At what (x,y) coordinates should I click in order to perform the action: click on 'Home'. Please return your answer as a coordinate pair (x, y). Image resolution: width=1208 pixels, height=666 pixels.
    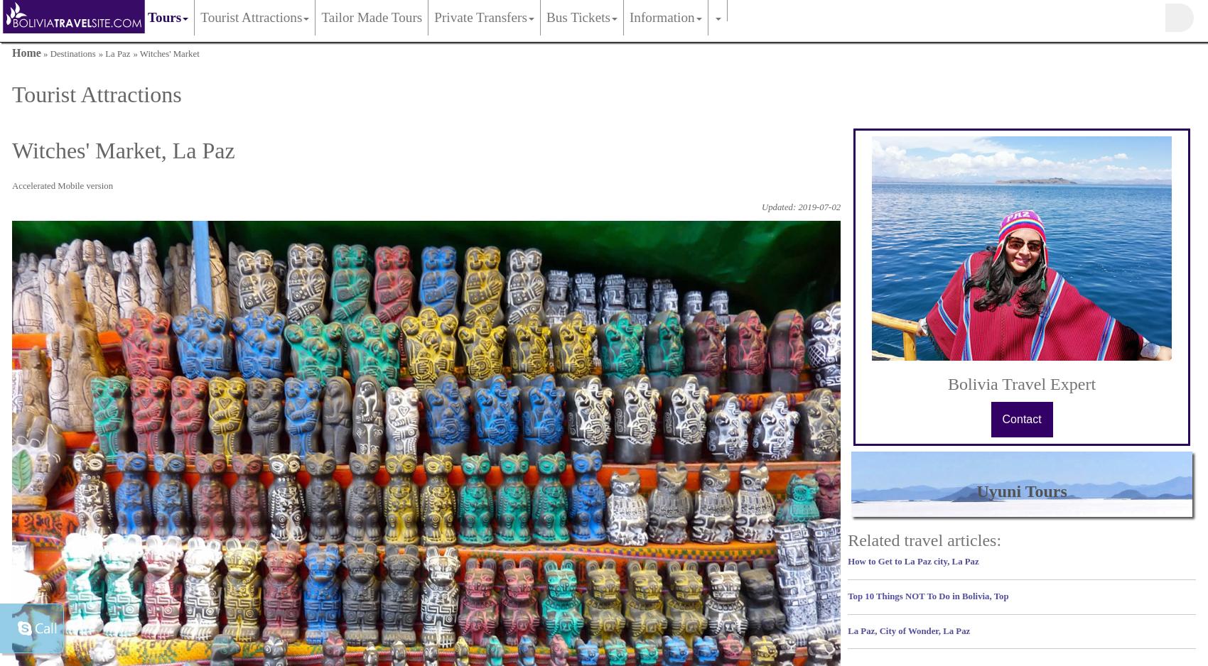
    Looking at the image, I should click on (26, 53).